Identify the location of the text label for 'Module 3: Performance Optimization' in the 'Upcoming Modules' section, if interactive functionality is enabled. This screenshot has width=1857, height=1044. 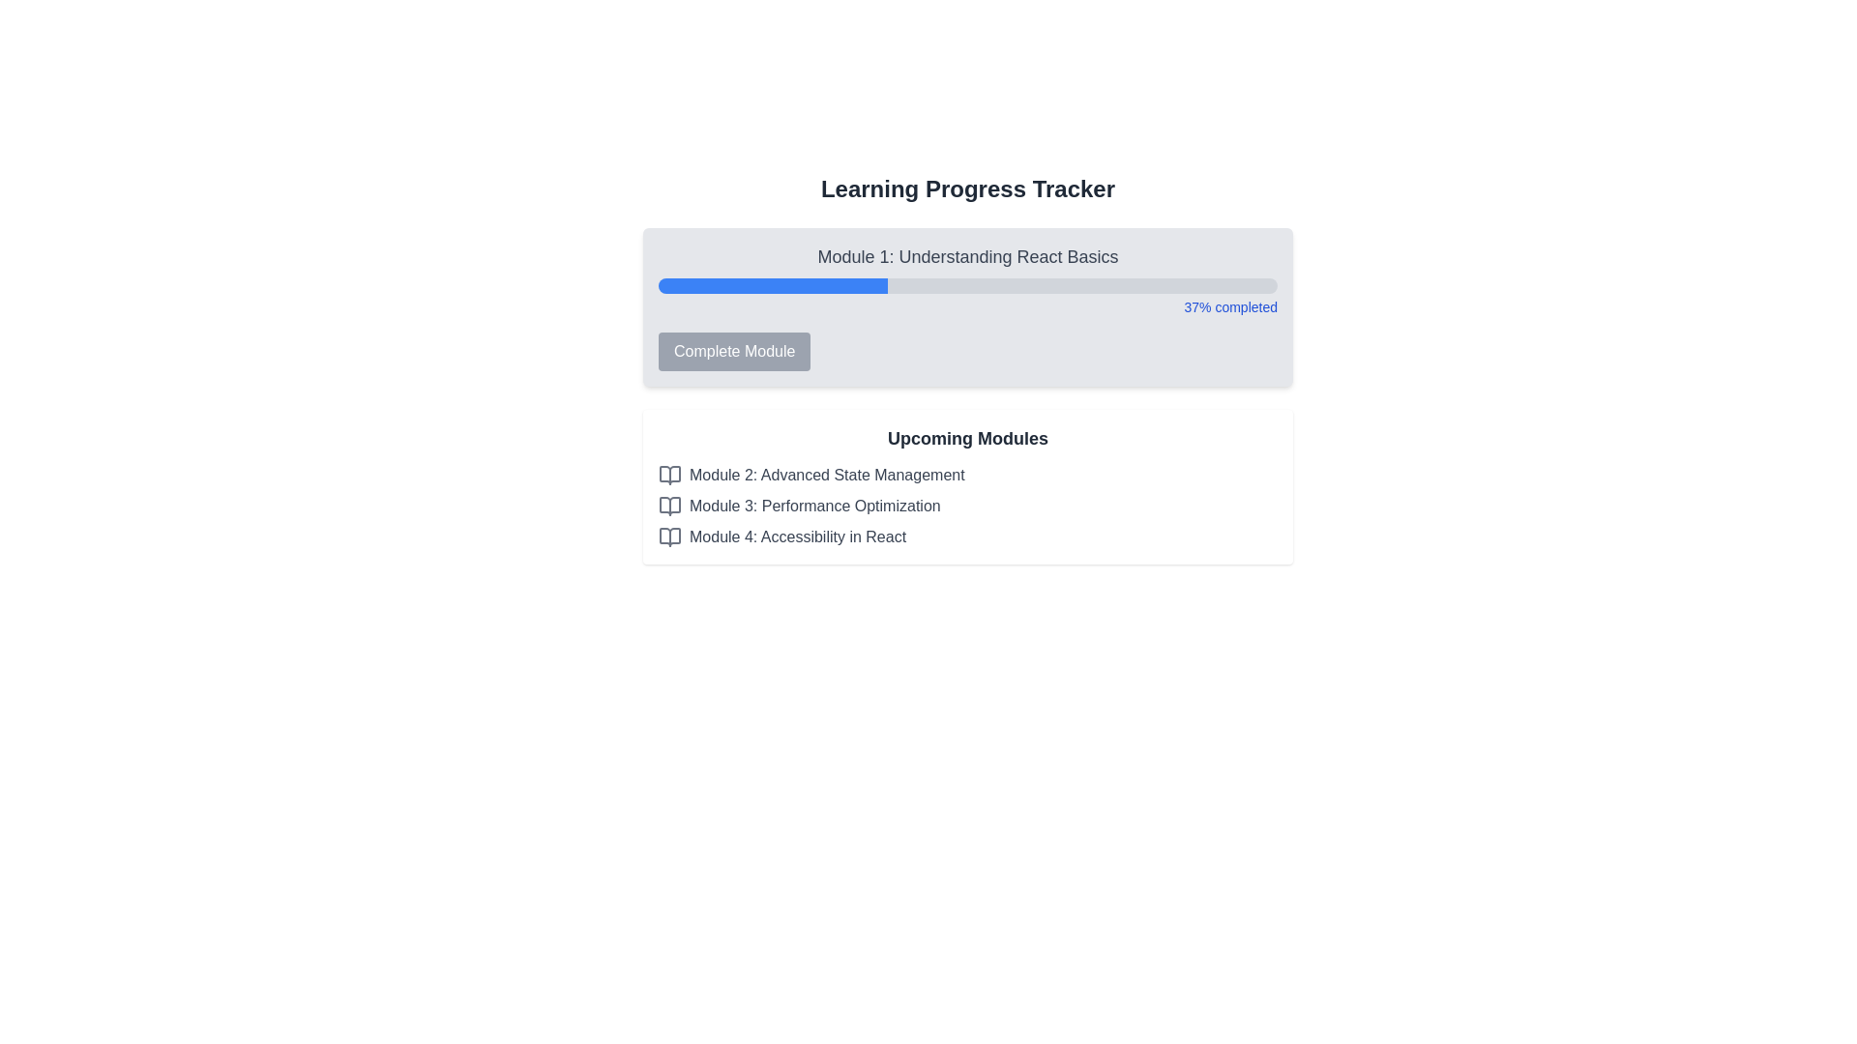
(814, 506).